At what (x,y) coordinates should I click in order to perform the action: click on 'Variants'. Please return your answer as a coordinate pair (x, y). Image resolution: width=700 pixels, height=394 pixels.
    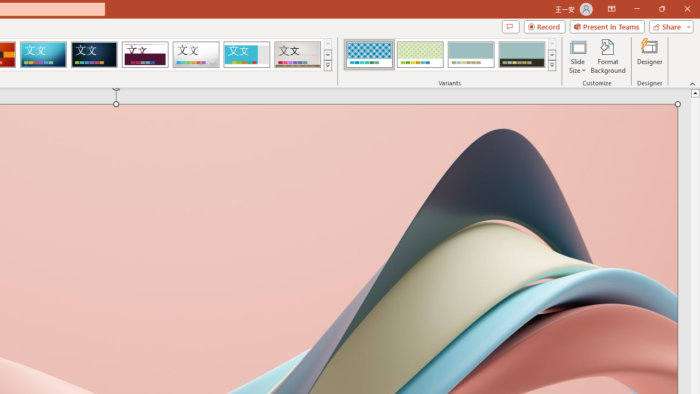
    Looking at the image, I should click on (552, 66).